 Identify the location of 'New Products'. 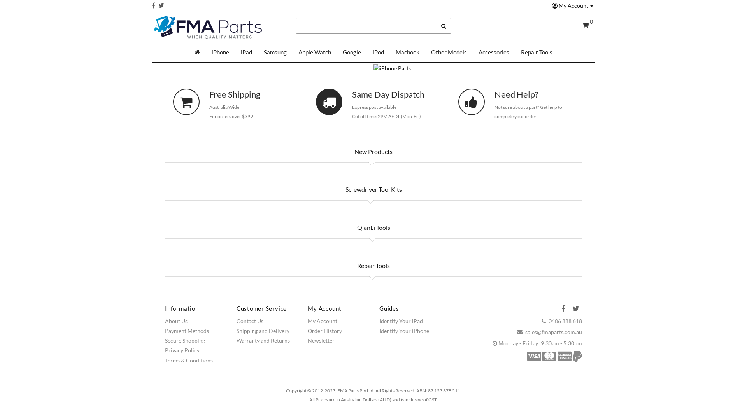
(373, 151).